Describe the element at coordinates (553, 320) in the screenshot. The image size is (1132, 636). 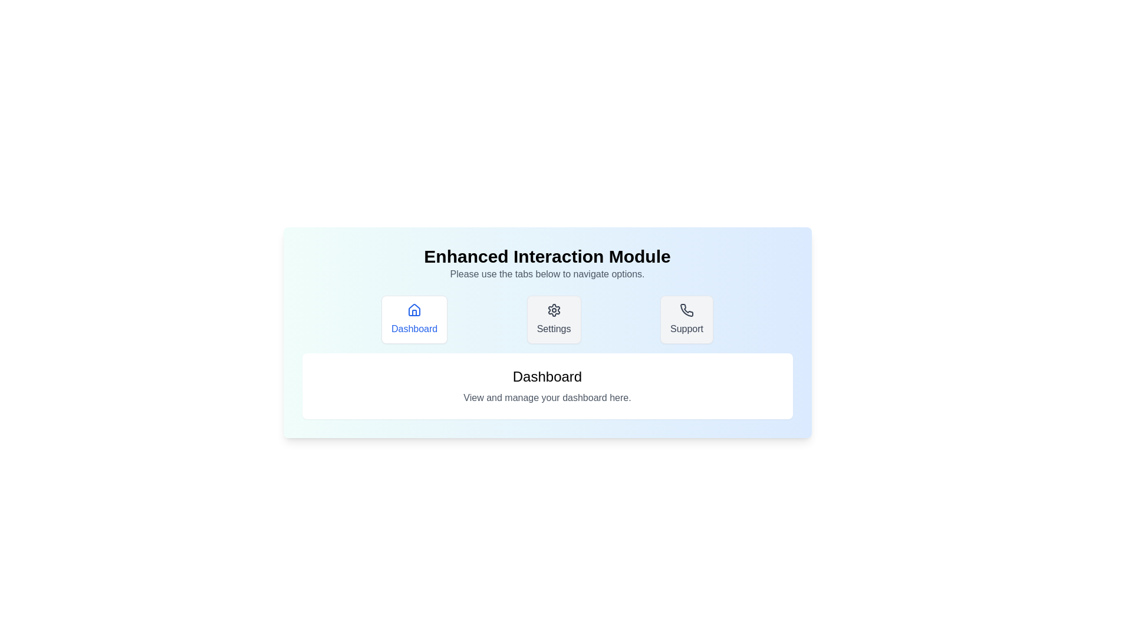
I see `the Settings tab to activate it` at that location.